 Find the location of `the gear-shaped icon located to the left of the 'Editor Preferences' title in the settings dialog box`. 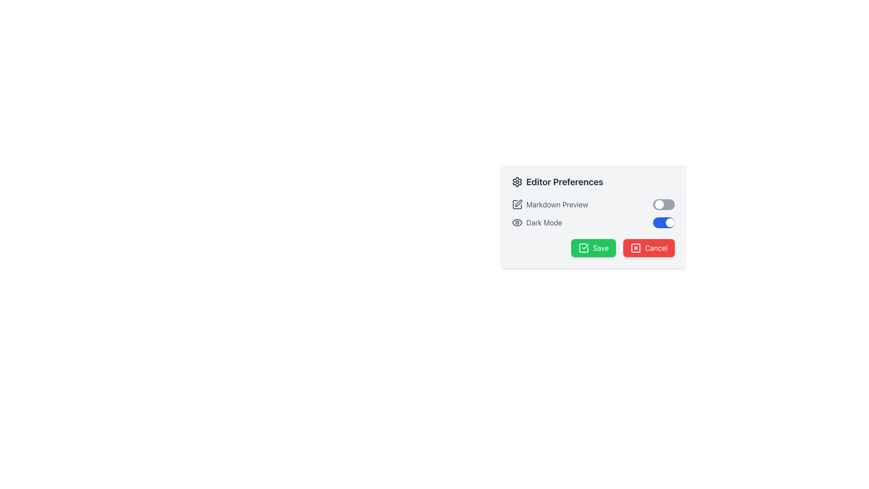

the gear-shaped icon located to the left of the 'Editor Preferences' title in the settings dialog box is located at coordinates (517, 182).